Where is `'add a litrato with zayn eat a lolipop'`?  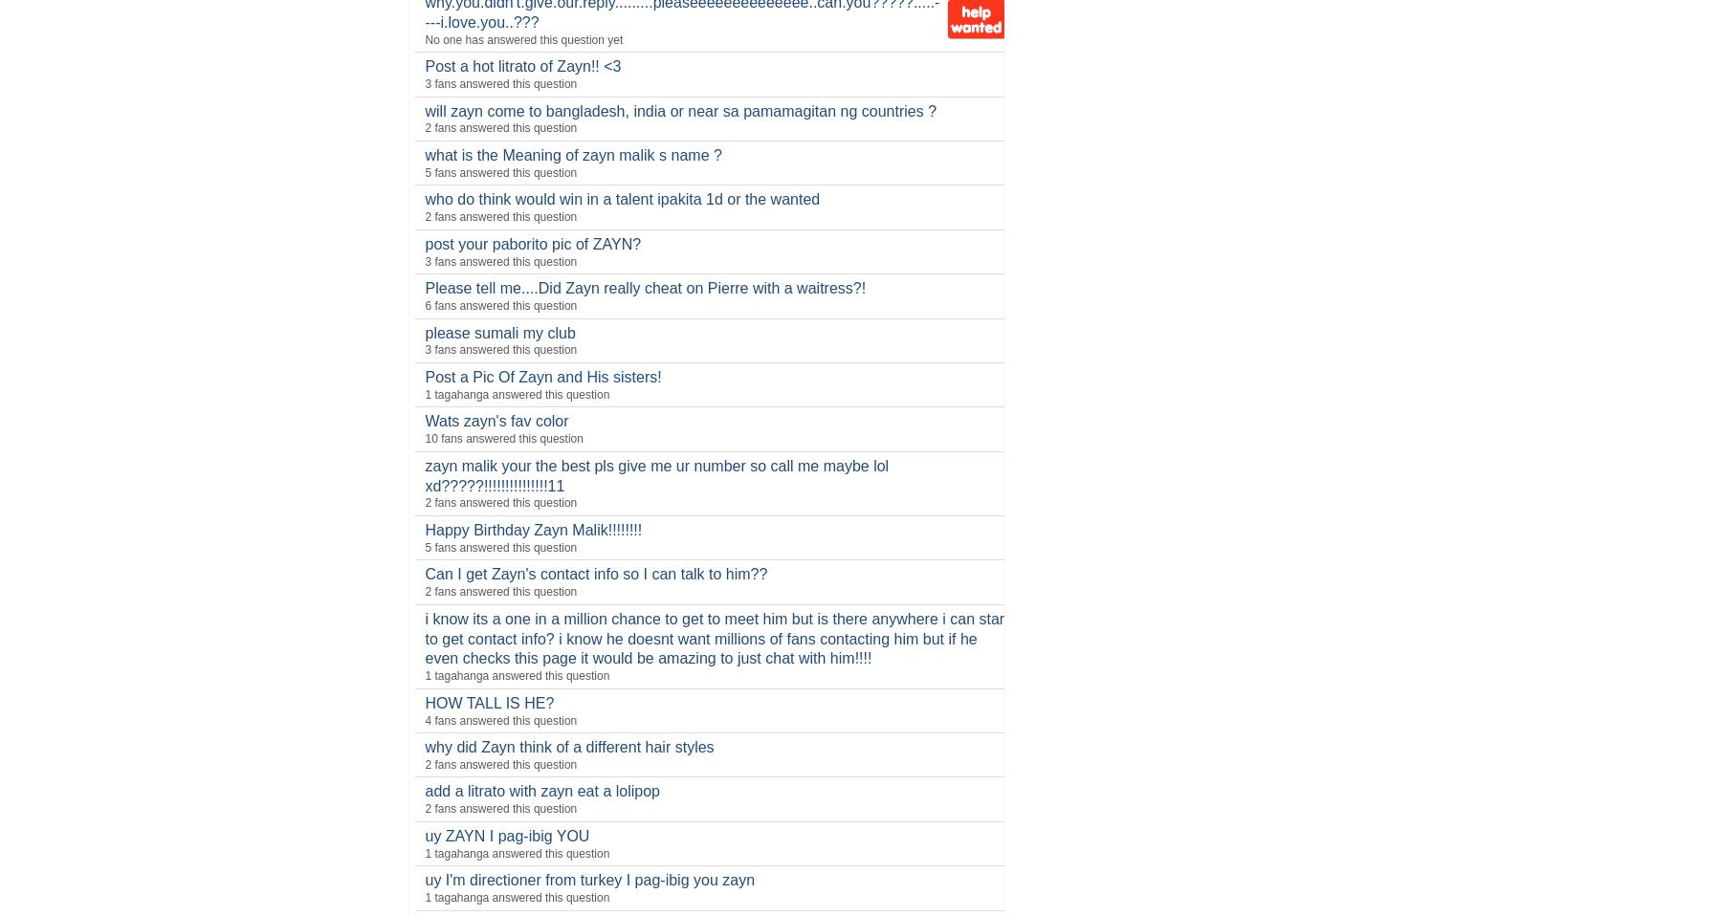
'add a litrato with zayn eat a lolipop' is located at coordinates (541, 790).